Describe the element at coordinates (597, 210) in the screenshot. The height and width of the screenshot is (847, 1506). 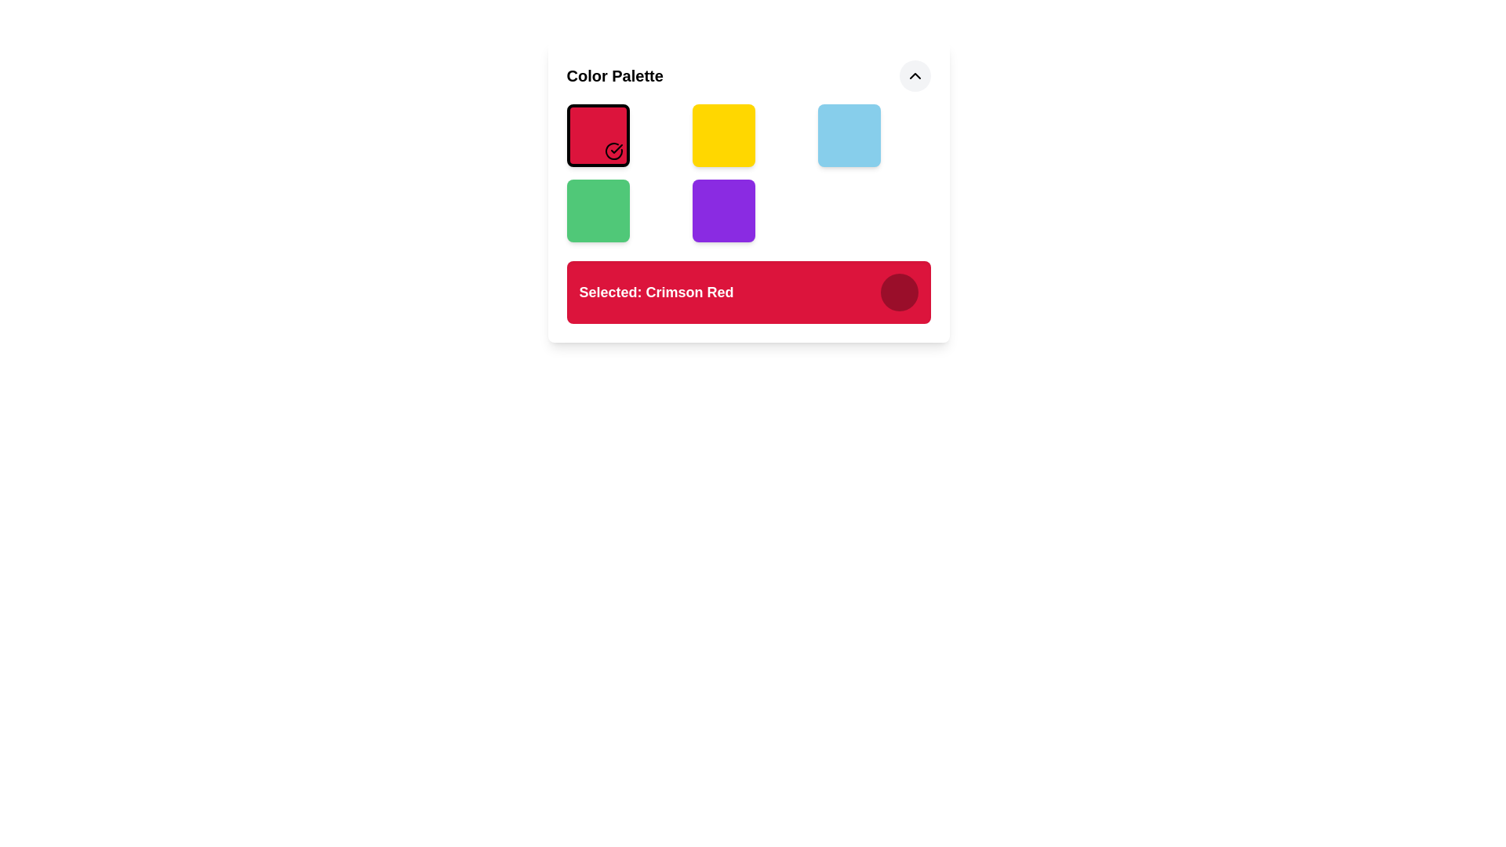
I see `the green square color tile with rounded corners located in the second row, first column of the grid` at that location.